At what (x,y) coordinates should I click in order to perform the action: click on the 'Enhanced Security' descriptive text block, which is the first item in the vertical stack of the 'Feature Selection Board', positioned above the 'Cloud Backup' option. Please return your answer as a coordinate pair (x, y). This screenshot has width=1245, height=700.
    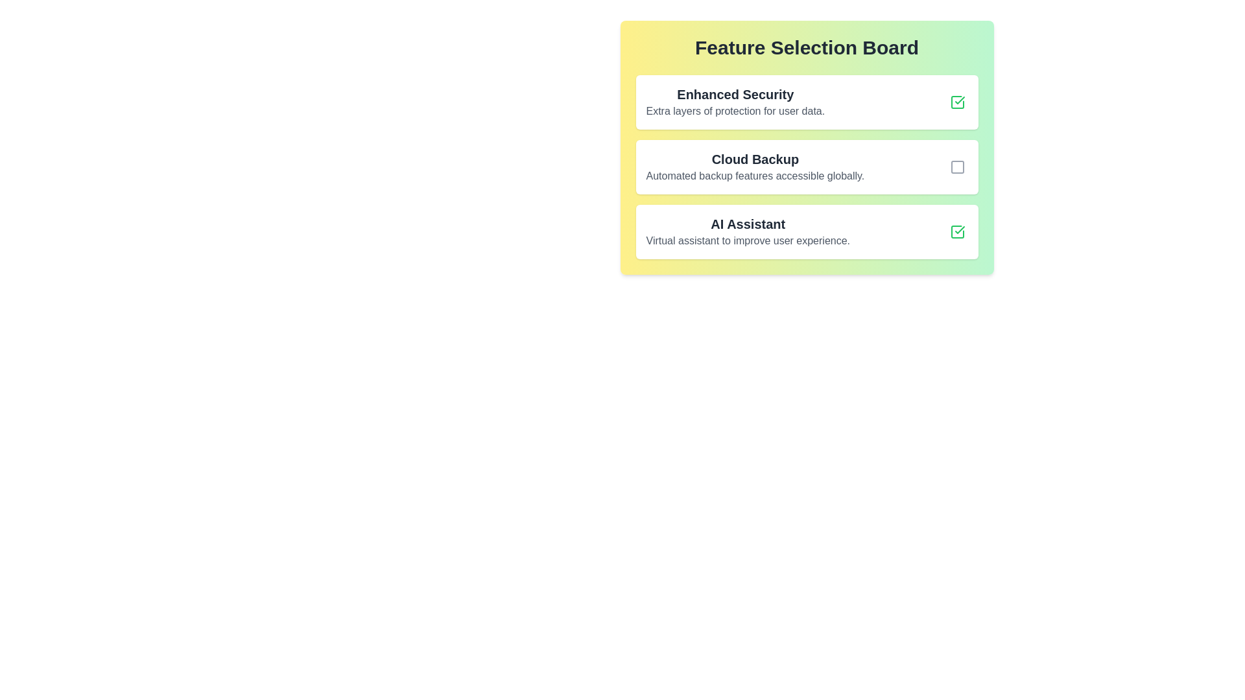
    Looking at the image, I should click on (735, 102).